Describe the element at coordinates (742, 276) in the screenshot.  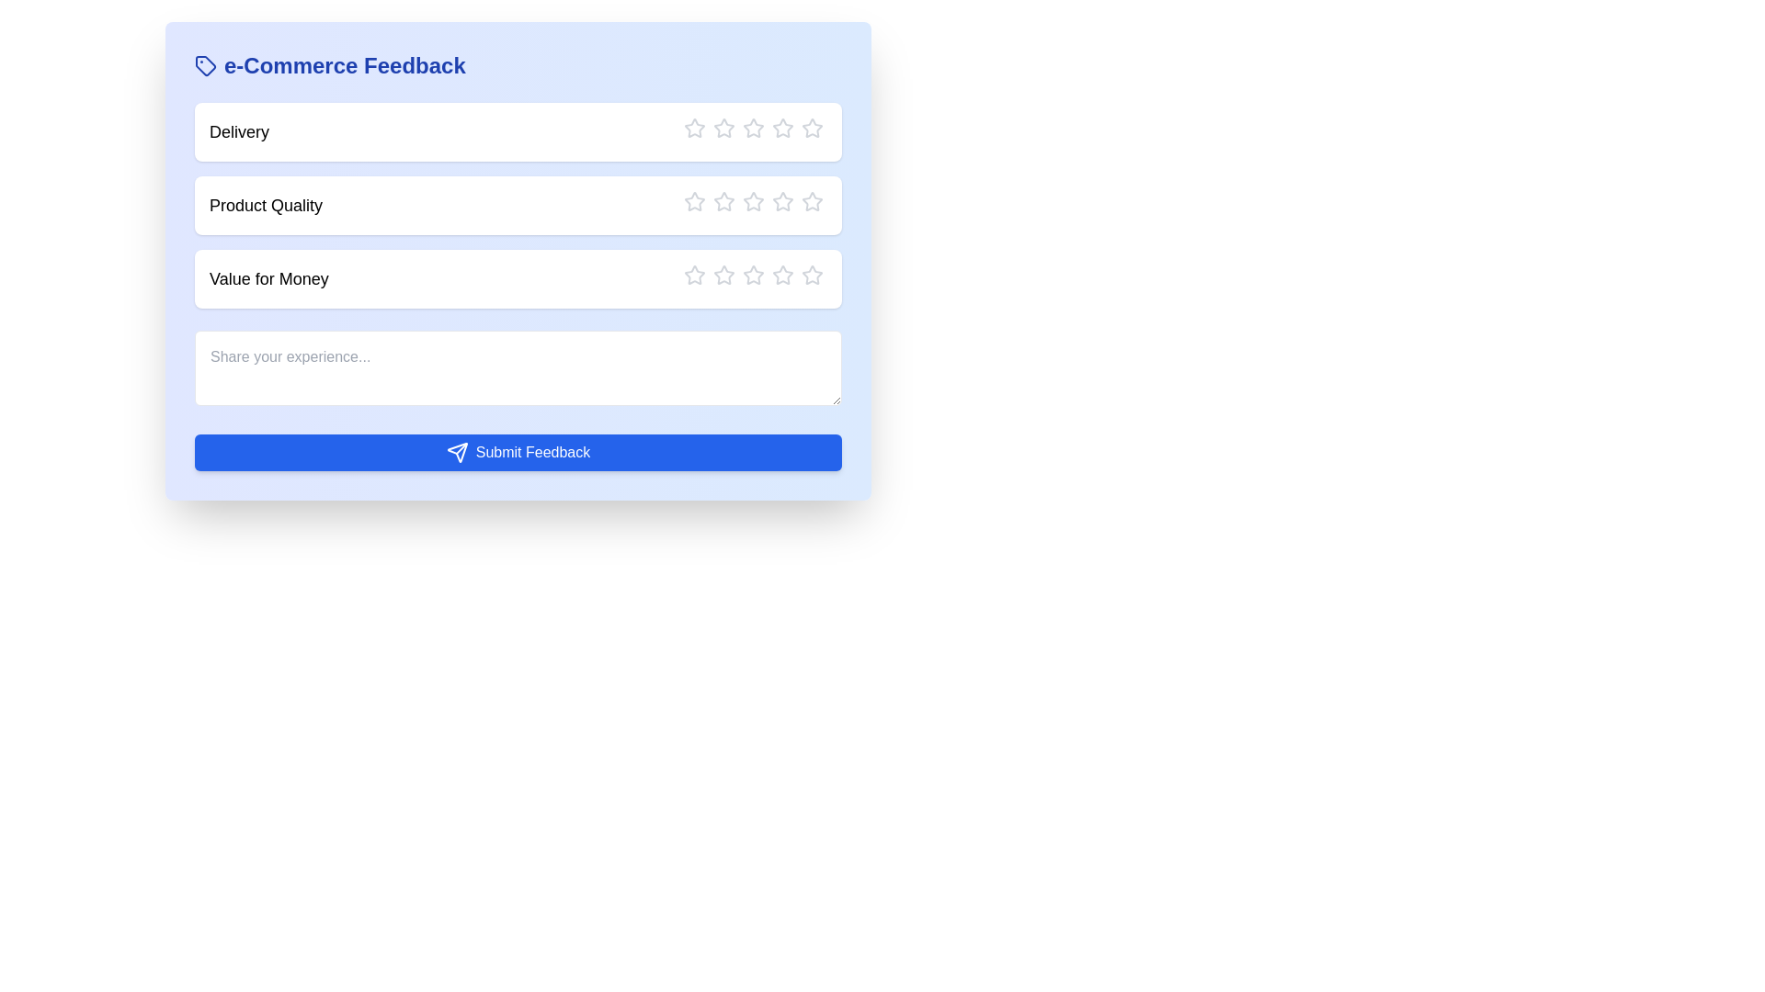
I see `the star corresponding to the rating 3 for the category Value for Money` at that location.